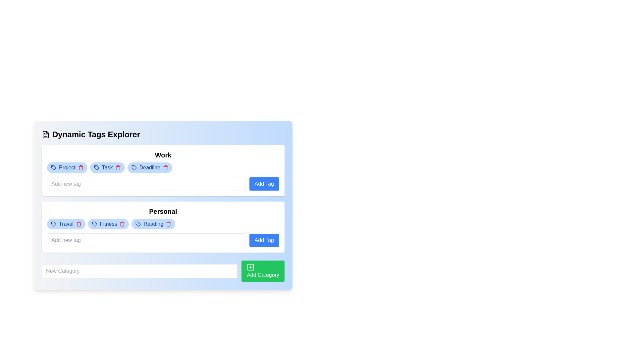 Image resolution: width=636 pixels, height=358 pixels. What do you see at coordinates (79, 224) in the screenshot?
I see `the delete icon button represented by a red trash bin next to the 'Travel' tag` at bounding box center [79, 224].